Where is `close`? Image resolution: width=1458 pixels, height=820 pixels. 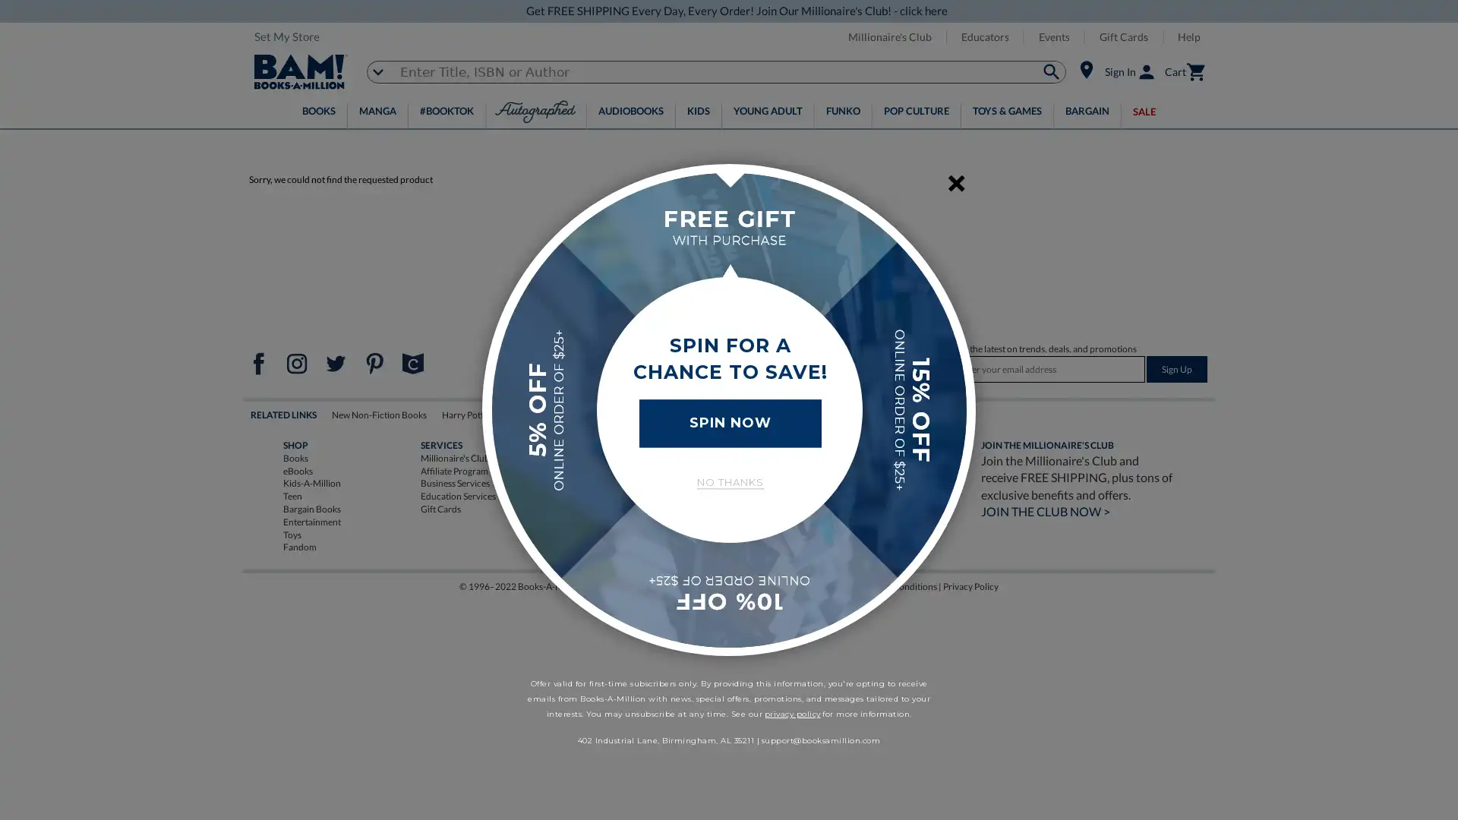 close is located at coordinates (955, 184).